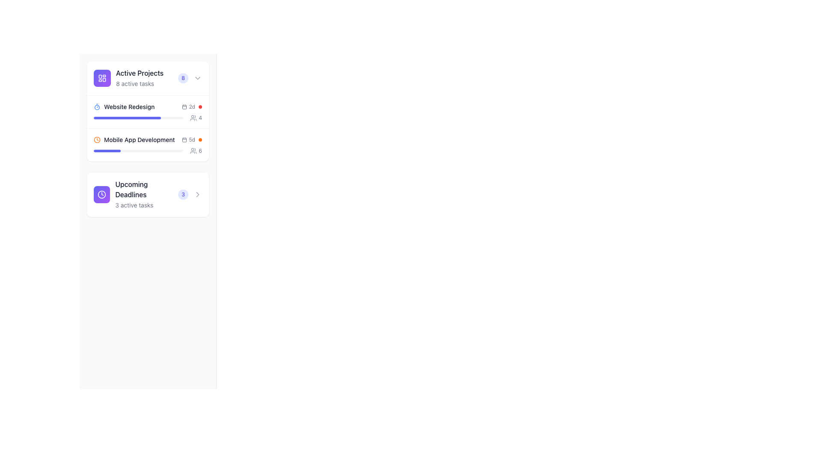 The width and height of the screenshot is (822, 462). Describe the element at coordinates (193, 118) in the screenshot. I see `the 'users' or 'group' icon located to the left of the number '4' in the 'Active Projects' section under 'Website Redesign'` at that location.